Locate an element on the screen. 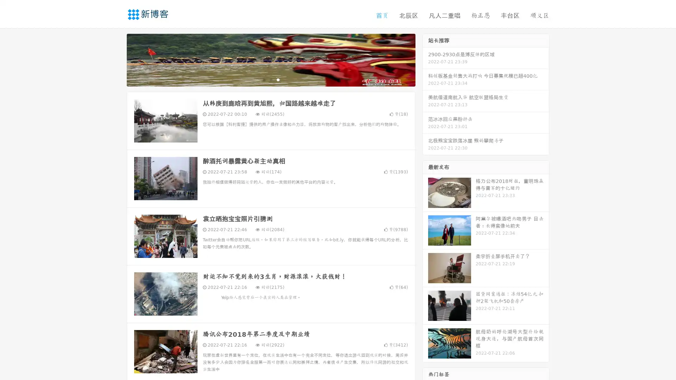 The height and width of the screenshot is (380, 676). Go to slide 2 is located at coordinates (270, 79).